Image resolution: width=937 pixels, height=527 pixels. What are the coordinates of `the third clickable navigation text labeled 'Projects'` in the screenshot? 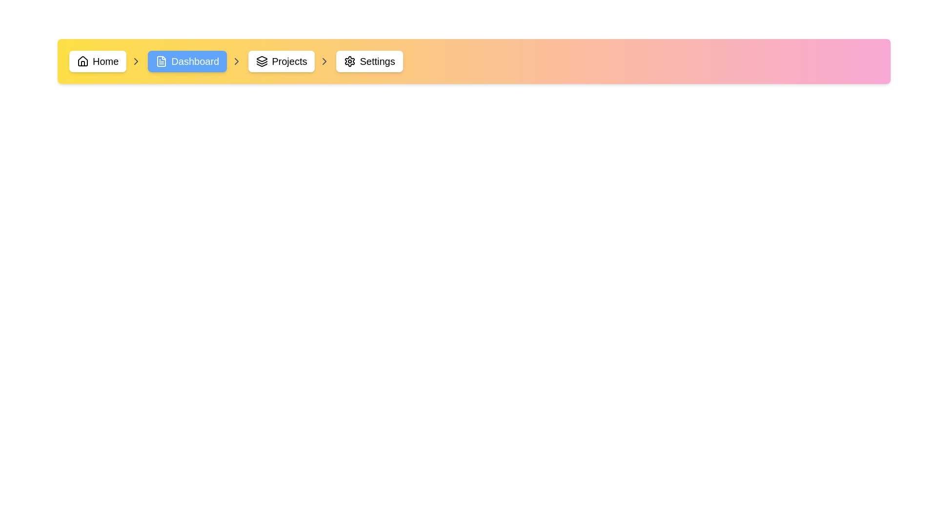 It's located at (289, 61).